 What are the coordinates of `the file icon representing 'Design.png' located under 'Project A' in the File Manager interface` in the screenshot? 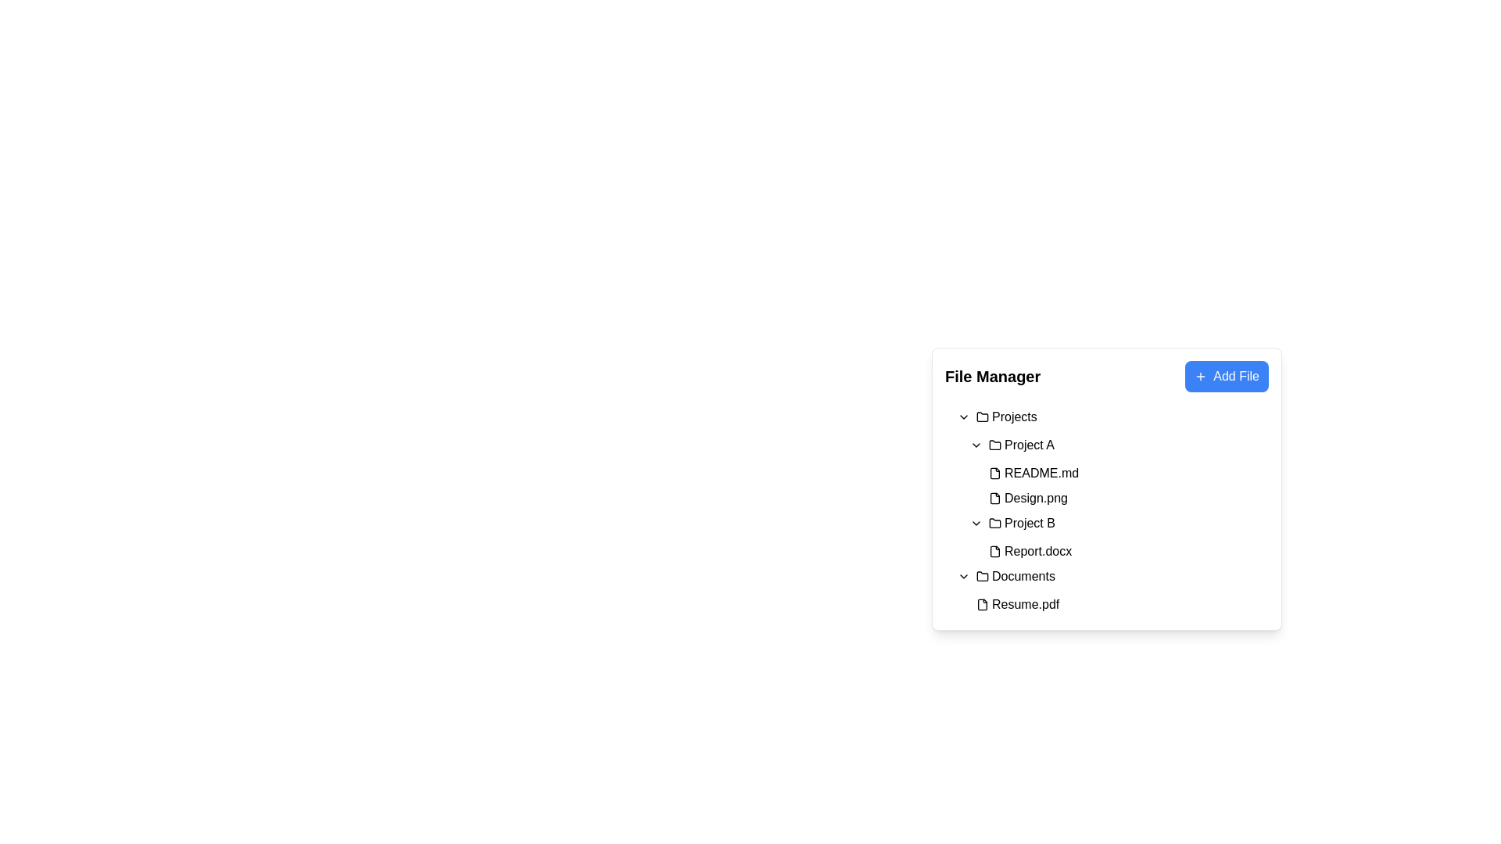 It's located at (994, 498).